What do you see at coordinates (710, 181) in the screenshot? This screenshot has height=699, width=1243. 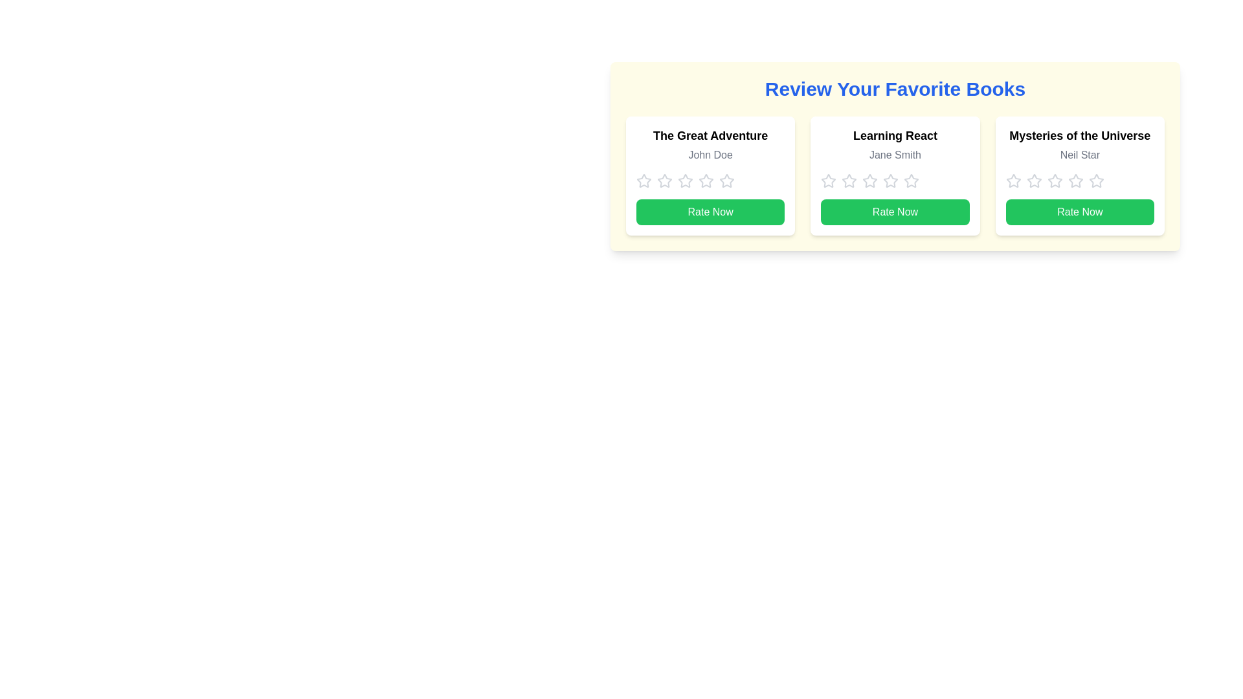 I see `the star in the interactive star rating component located beneath 'The Great Adventure' by 'John Doe'` at bounding box center [710, 181].